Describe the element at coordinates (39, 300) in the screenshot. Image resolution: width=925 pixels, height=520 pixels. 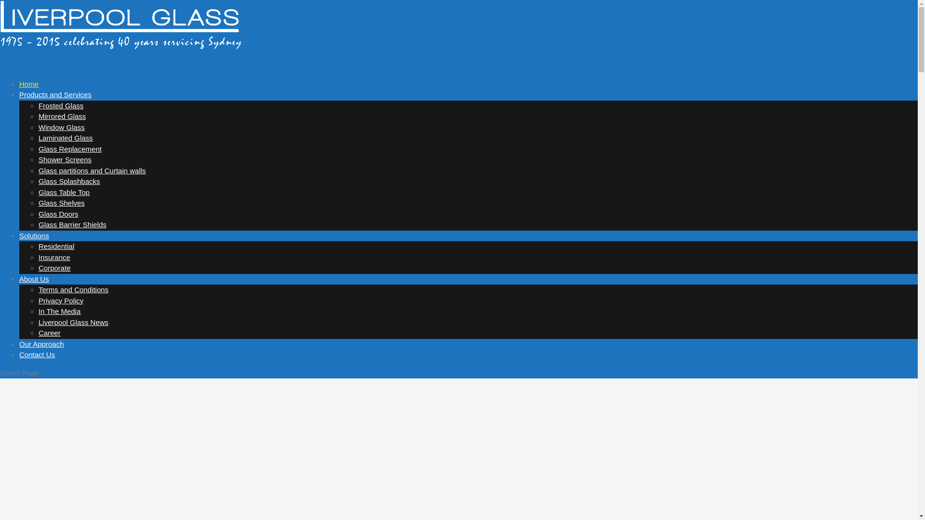
I see `'Privacy Policy'` at that location.